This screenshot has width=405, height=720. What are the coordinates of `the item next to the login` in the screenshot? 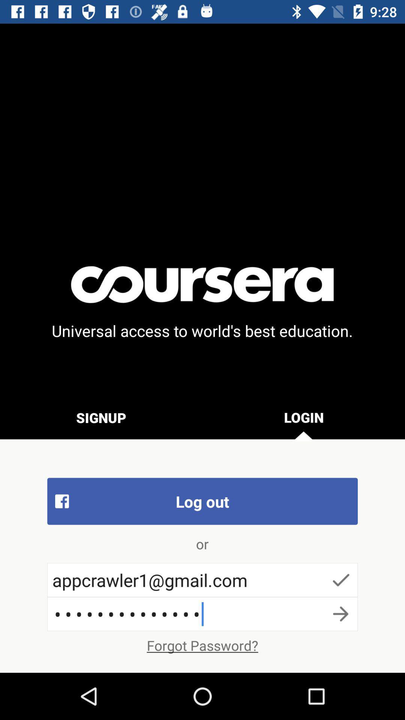 It's located at (101, 417).